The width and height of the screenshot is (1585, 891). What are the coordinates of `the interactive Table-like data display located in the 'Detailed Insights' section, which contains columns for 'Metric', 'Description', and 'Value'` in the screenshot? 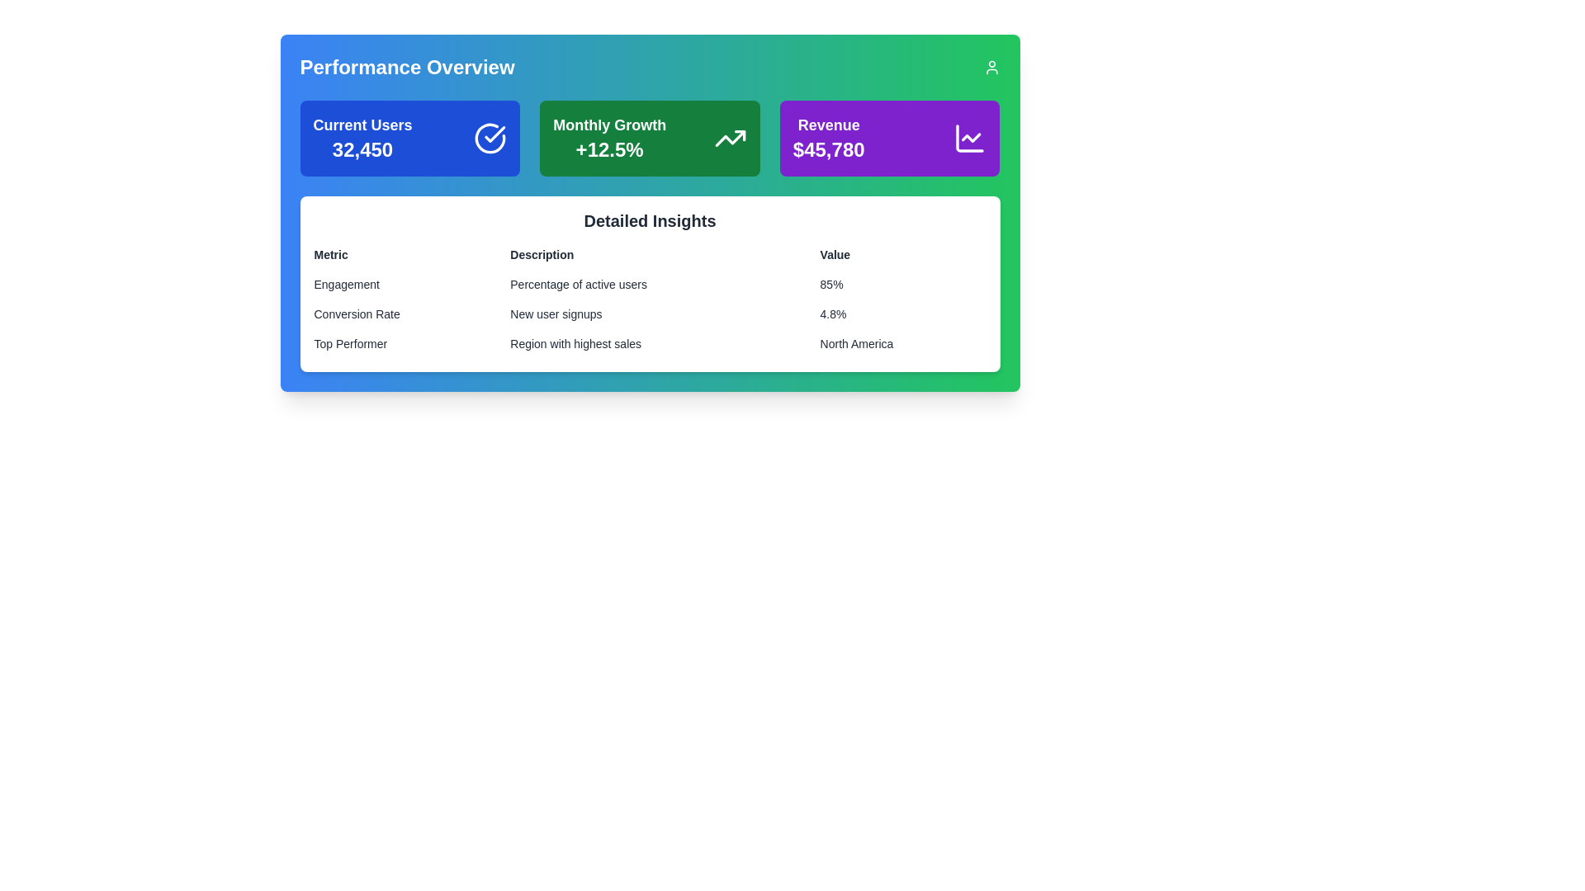 It's located at (649, 302).